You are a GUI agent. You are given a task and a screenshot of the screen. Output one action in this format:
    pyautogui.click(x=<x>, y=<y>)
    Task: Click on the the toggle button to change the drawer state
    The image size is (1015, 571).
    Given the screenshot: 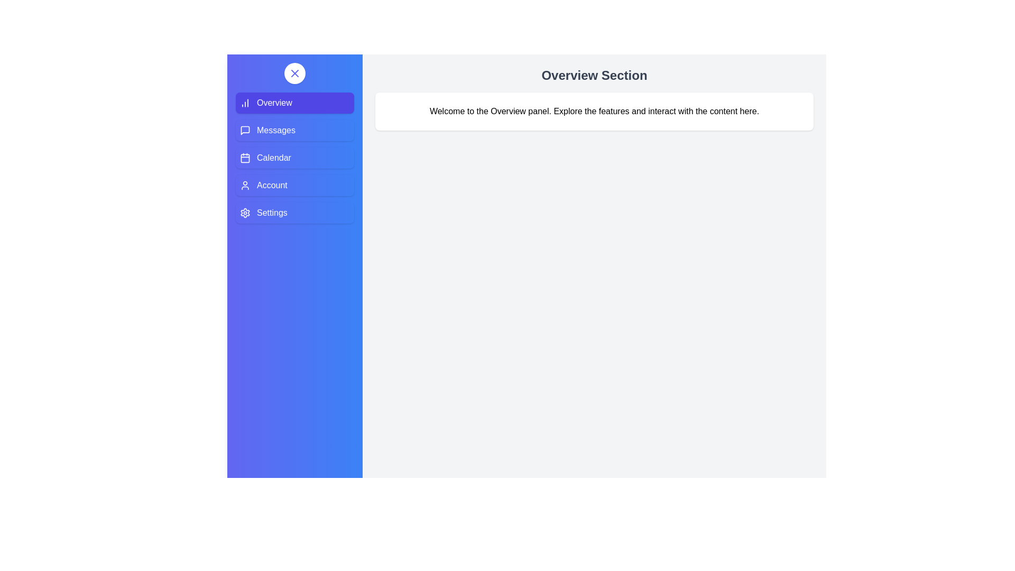 What is the action you would take?
    pyautogui.click(x=294, y=72)
    